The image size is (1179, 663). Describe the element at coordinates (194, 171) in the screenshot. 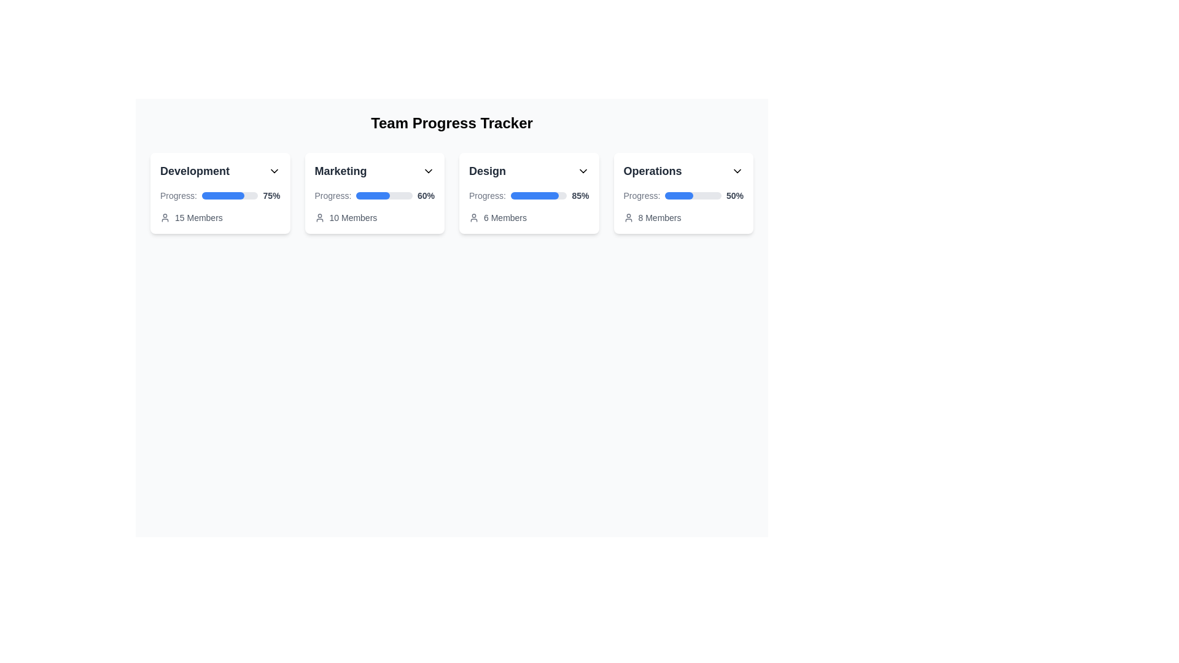

I see `the text label displaying 'Development' in bold, large font at the top left of the first card` at that location.